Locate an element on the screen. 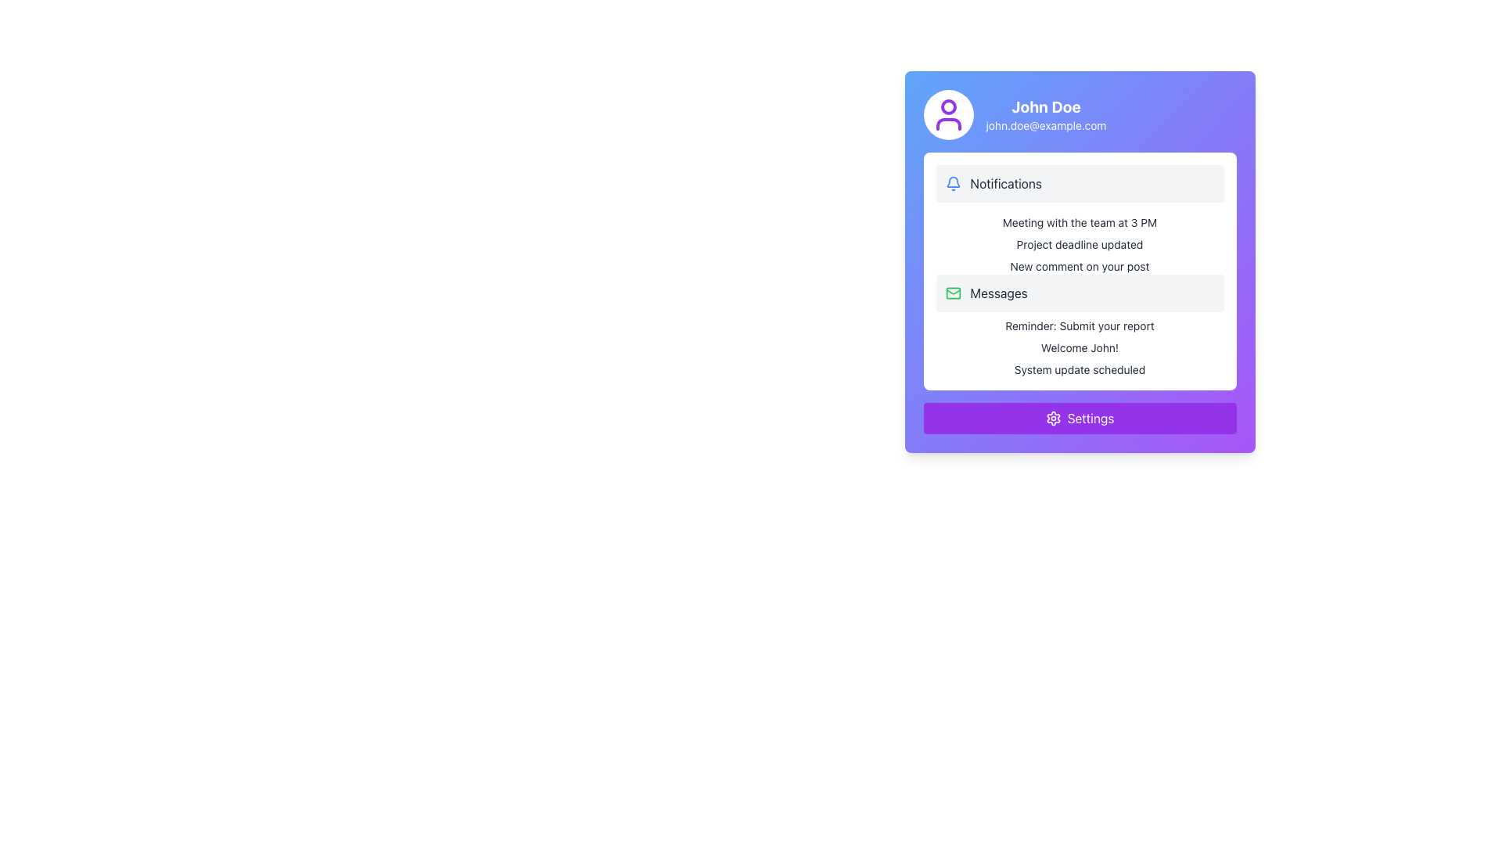  lower section of the circular profile icon graphic in the purple header of the user card by using developer tools is located at coordinates (947, 123).